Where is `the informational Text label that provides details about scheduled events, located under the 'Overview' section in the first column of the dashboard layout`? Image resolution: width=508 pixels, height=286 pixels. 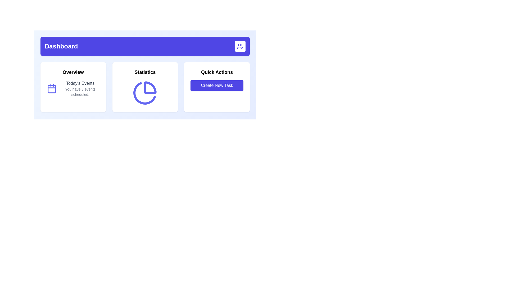
the informational Text label that provides details about scheduled events, located under the 'Overview' section in the first column of the dashboard layout is located at coordinates (80, 92).